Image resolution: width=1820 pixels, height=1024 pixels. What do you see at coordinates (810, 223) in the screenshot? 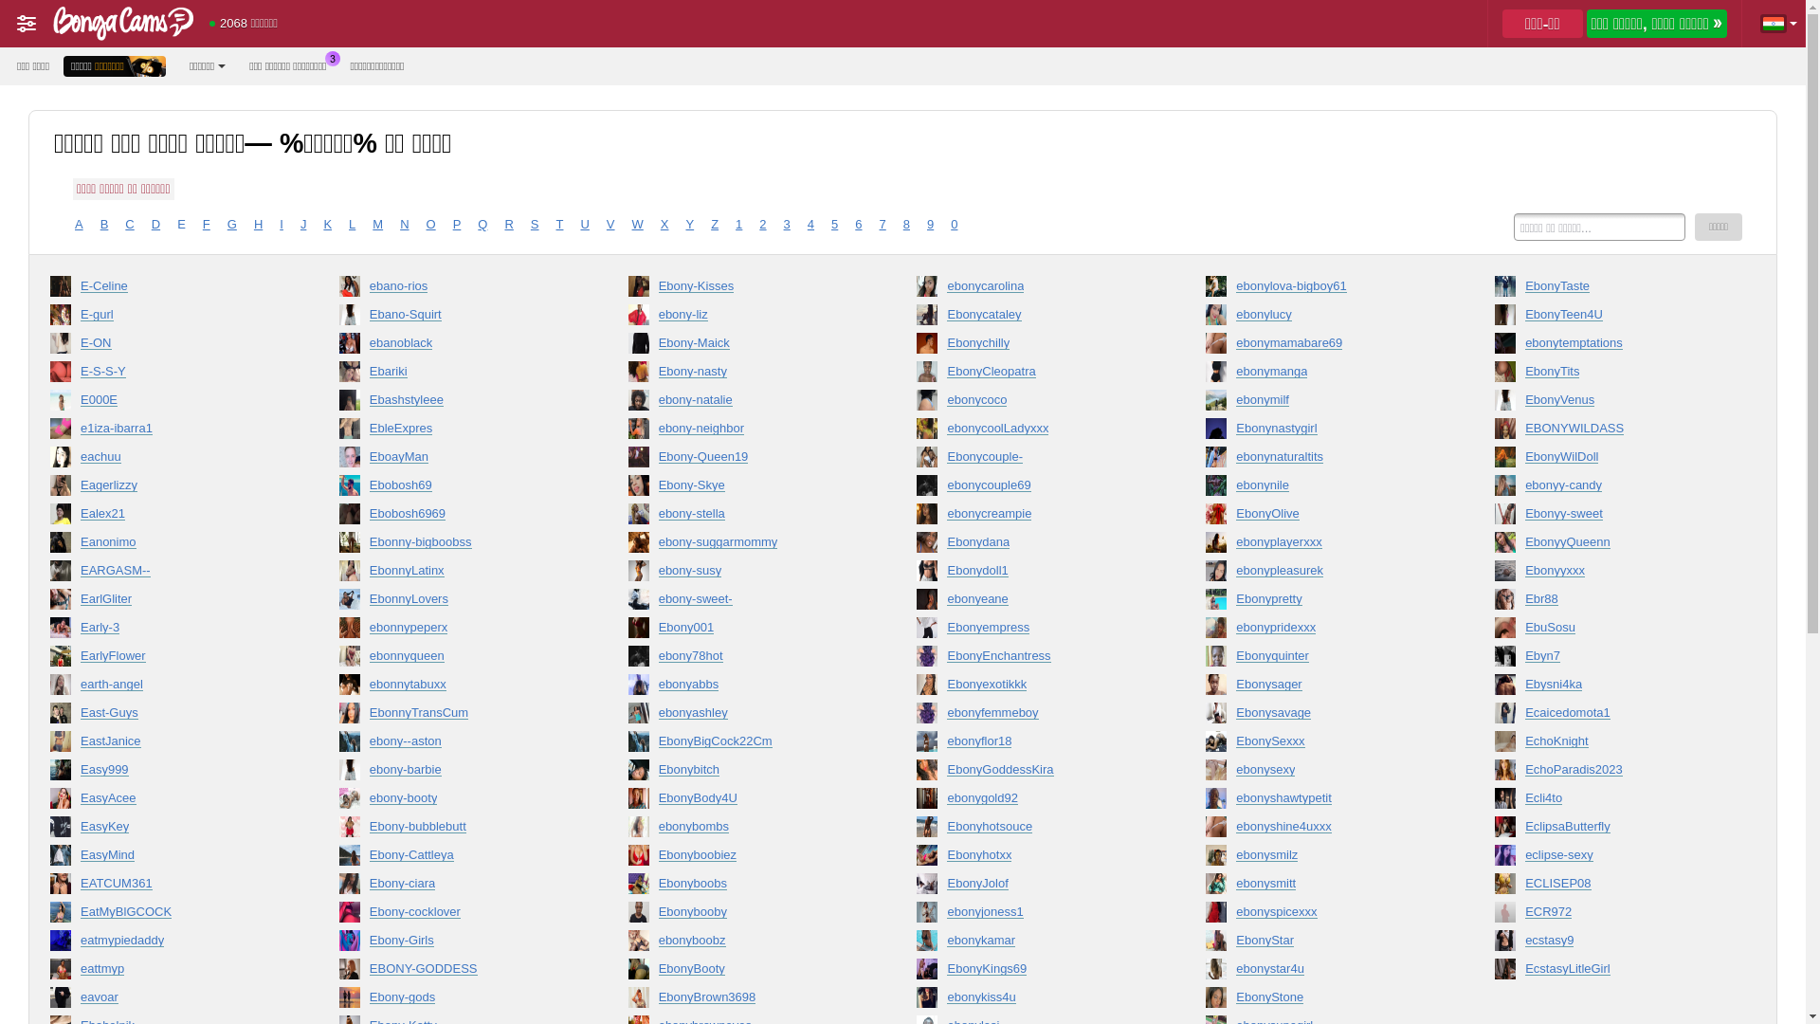
I see `'4'` at bounding box center [810, 223].